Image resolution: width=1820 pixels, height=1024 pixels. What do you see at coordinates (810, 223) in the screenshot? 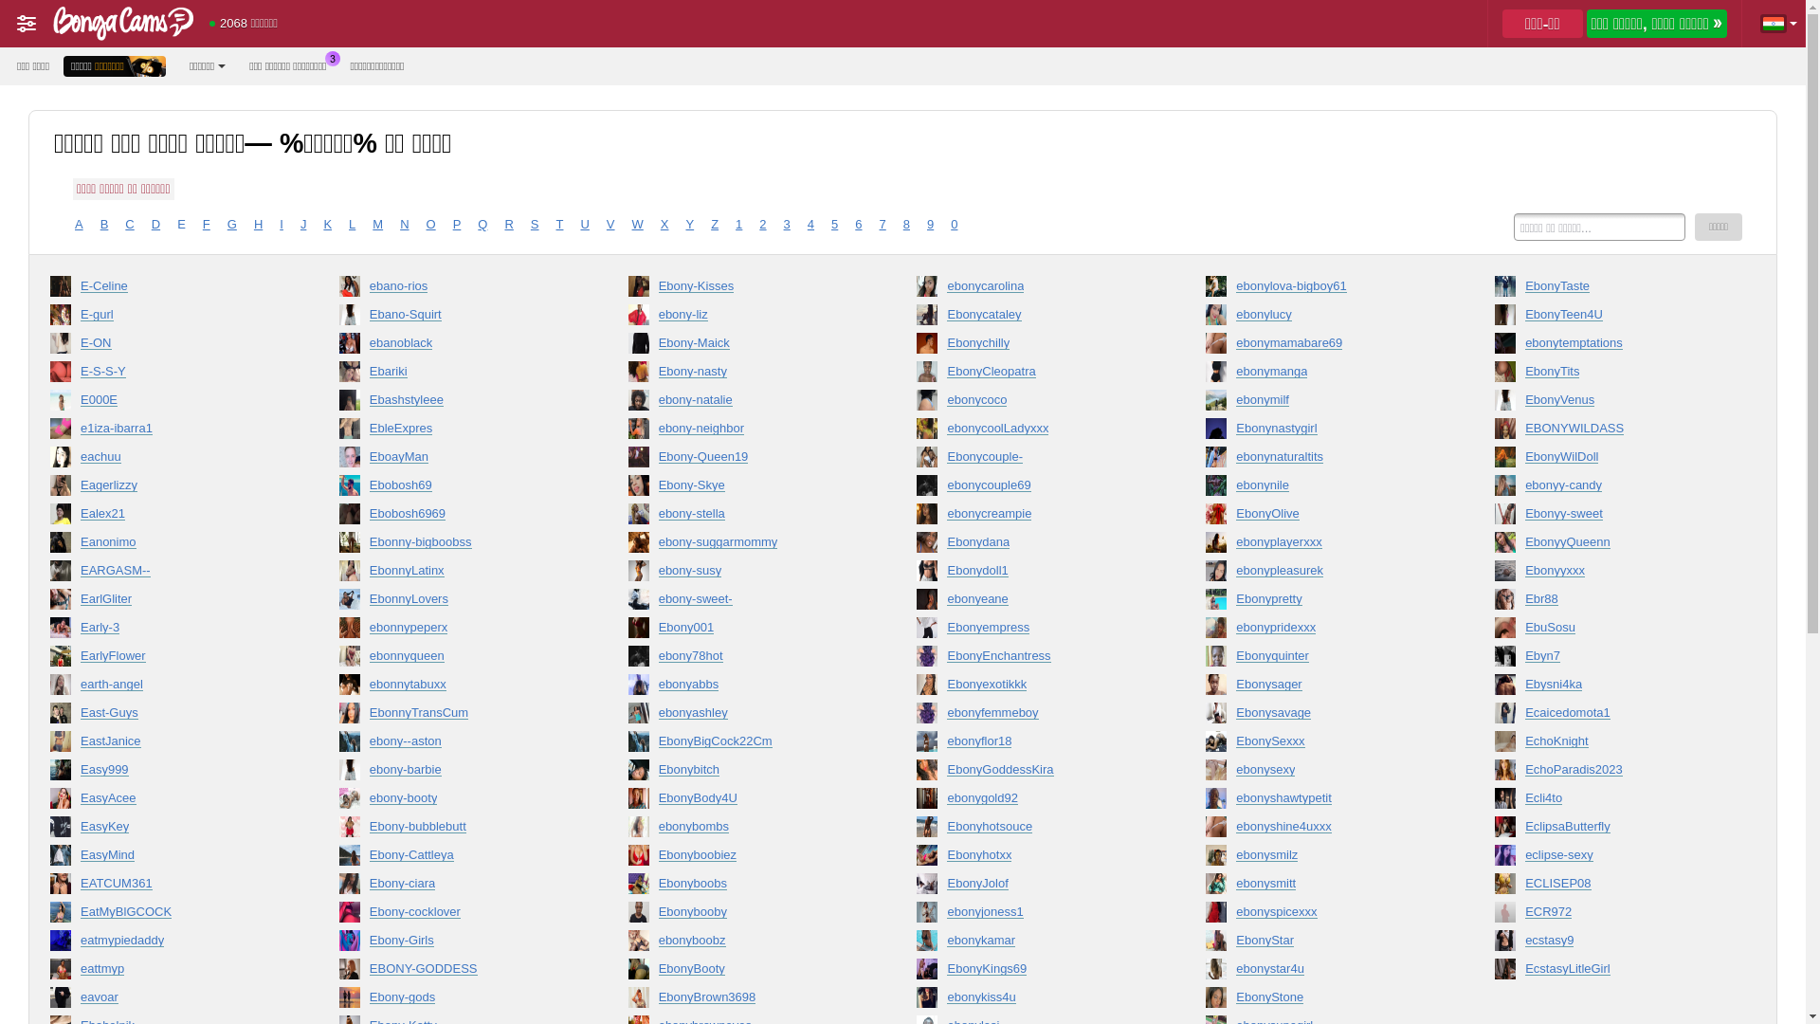
I see `'4'` at bounding box center [810, 223].